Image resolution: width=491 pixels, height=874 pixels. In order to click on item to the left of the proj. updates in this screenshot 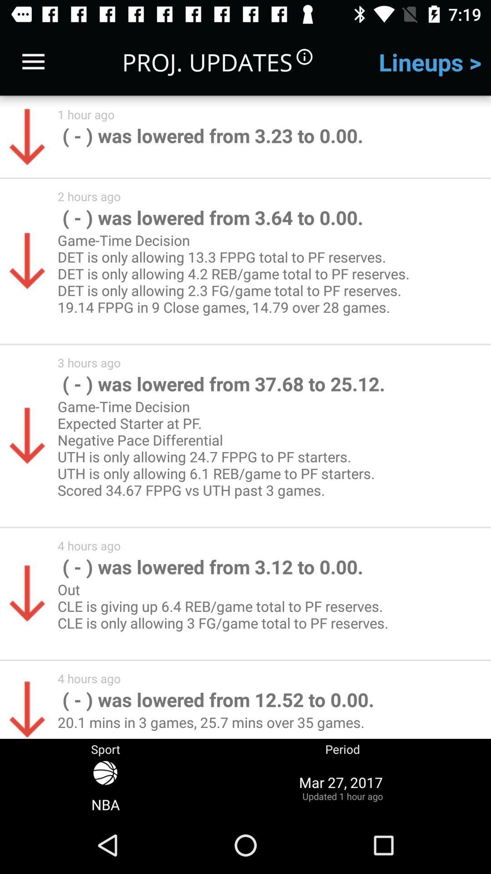, I will do `click(33, 61)`.